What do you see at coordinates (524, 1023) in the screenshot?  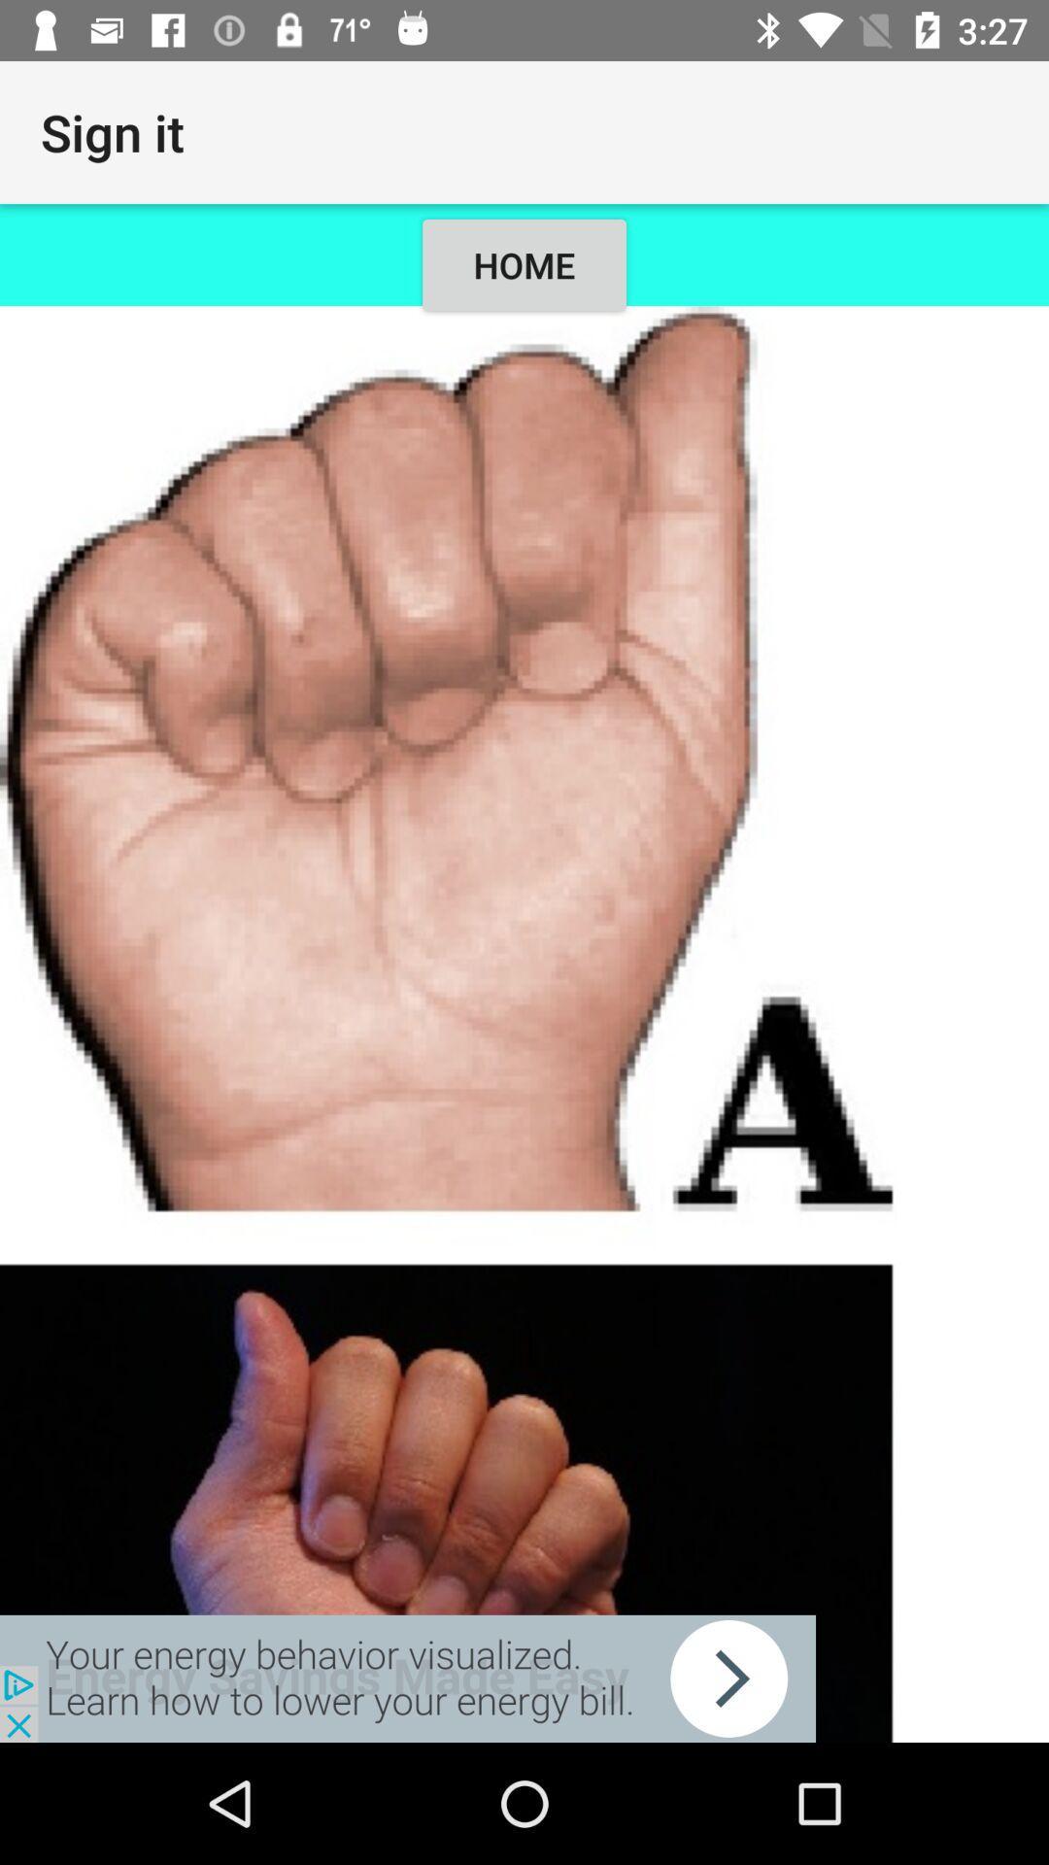 I see `the home button` at bounding box center [524, 1023].